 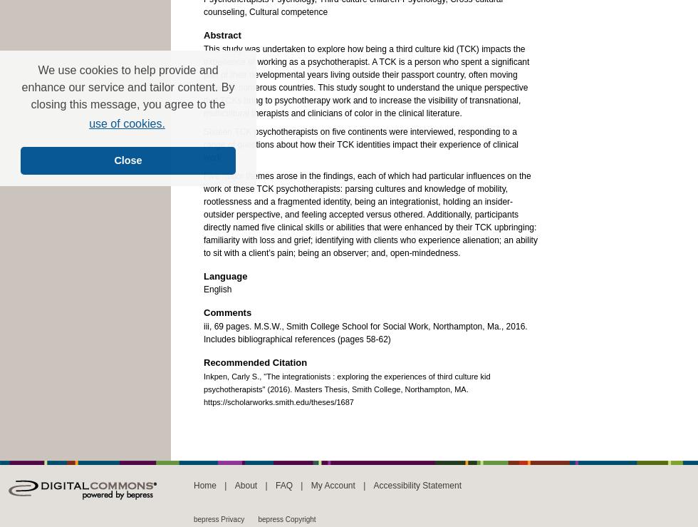 What do you see at coordinates (366, 80) in the screenshot?
I see `'This study was undertaken to explore how being a third culture kid (TCK) impacts the experience of working as a psychotherapist. A TCK is a person who spent a significant part of their developmental years living outside their passport country, often moving between numerous countries. This study sought to understand the unique perspective that TCKs bring to psychotherapy work and to increase the visibility of transnational, multicultural therapists and clinicians of color in the clinical literature.'` at bounding box center [366, 80].